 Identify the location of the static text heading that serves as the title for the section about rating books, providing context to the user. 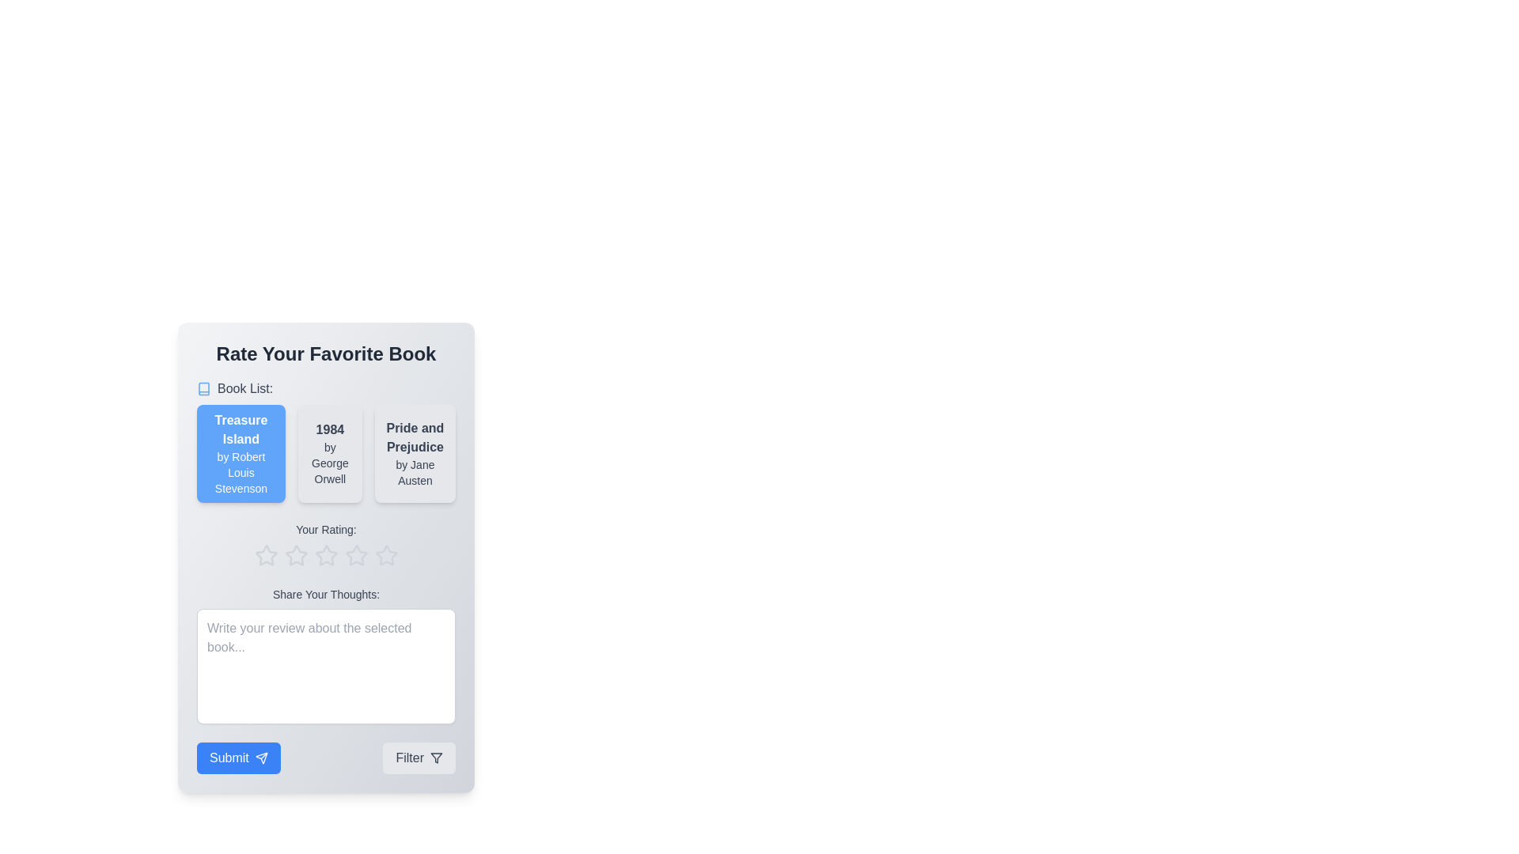
(325, 353).